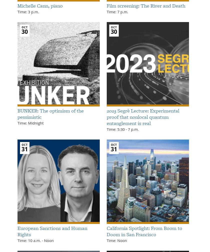 This screenshot has width=210, height=252. What do you see at coordinates (30, 122) in the screenshot?
I see `'Time: Midnight'` at bounding box center [30, 122].